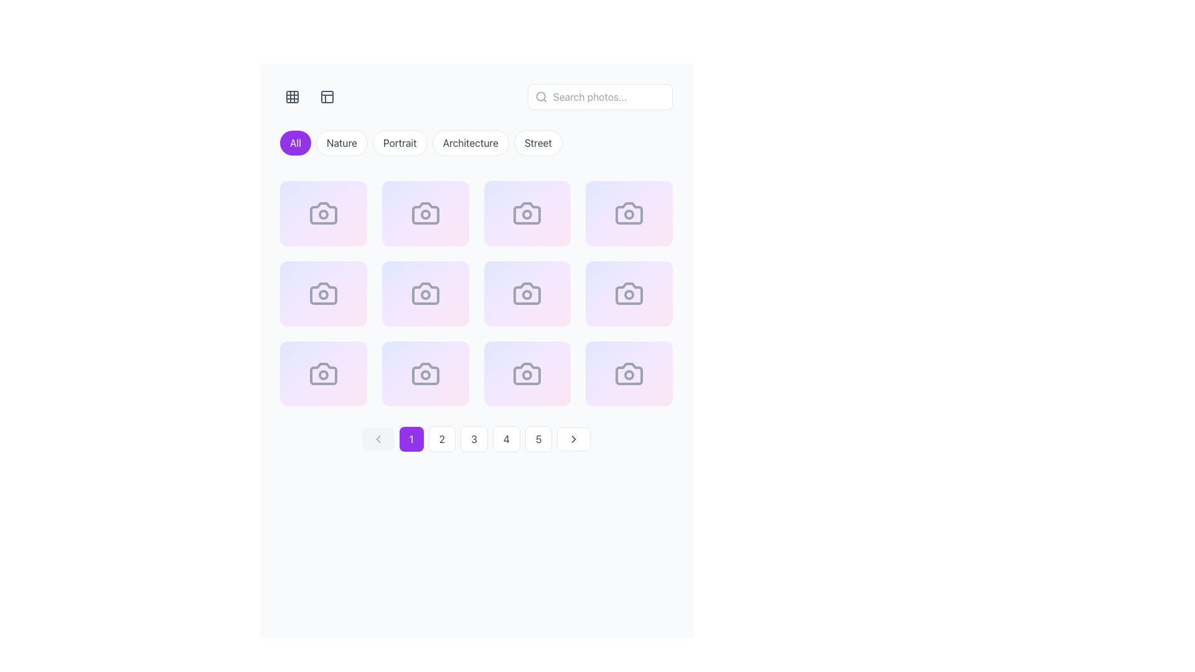  What do you see at coordinates (323, 373) in the screenshot?
I see `the gallery item card labeled as Photograph #9, which is the third card in the third row of a 4-column grid structure` at bounding box center [323, 373].